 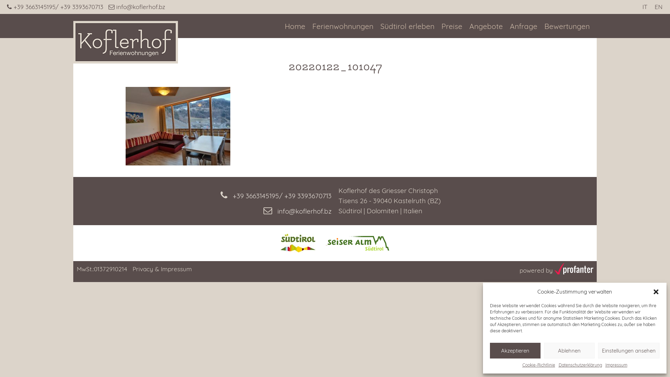 I want to click on 'Cookie-Richtlinie', so click(x=538, y=364).